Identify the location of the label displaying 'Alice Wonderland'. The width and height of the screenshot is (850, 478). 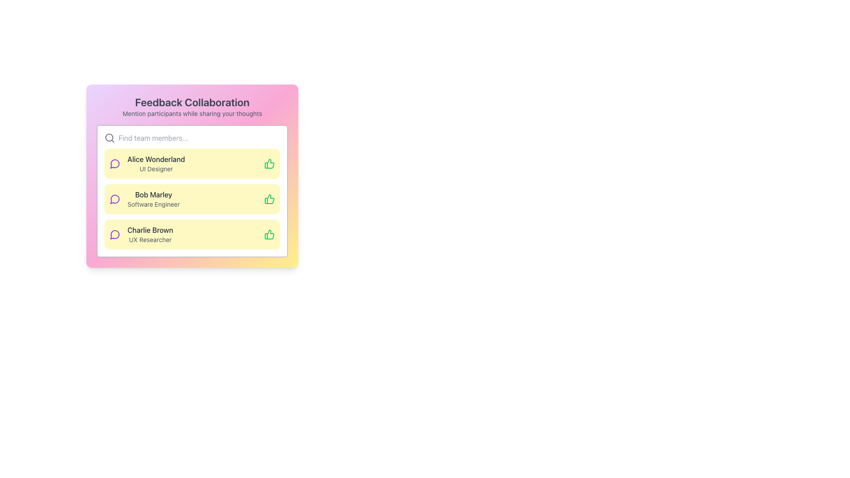
(156, 158).